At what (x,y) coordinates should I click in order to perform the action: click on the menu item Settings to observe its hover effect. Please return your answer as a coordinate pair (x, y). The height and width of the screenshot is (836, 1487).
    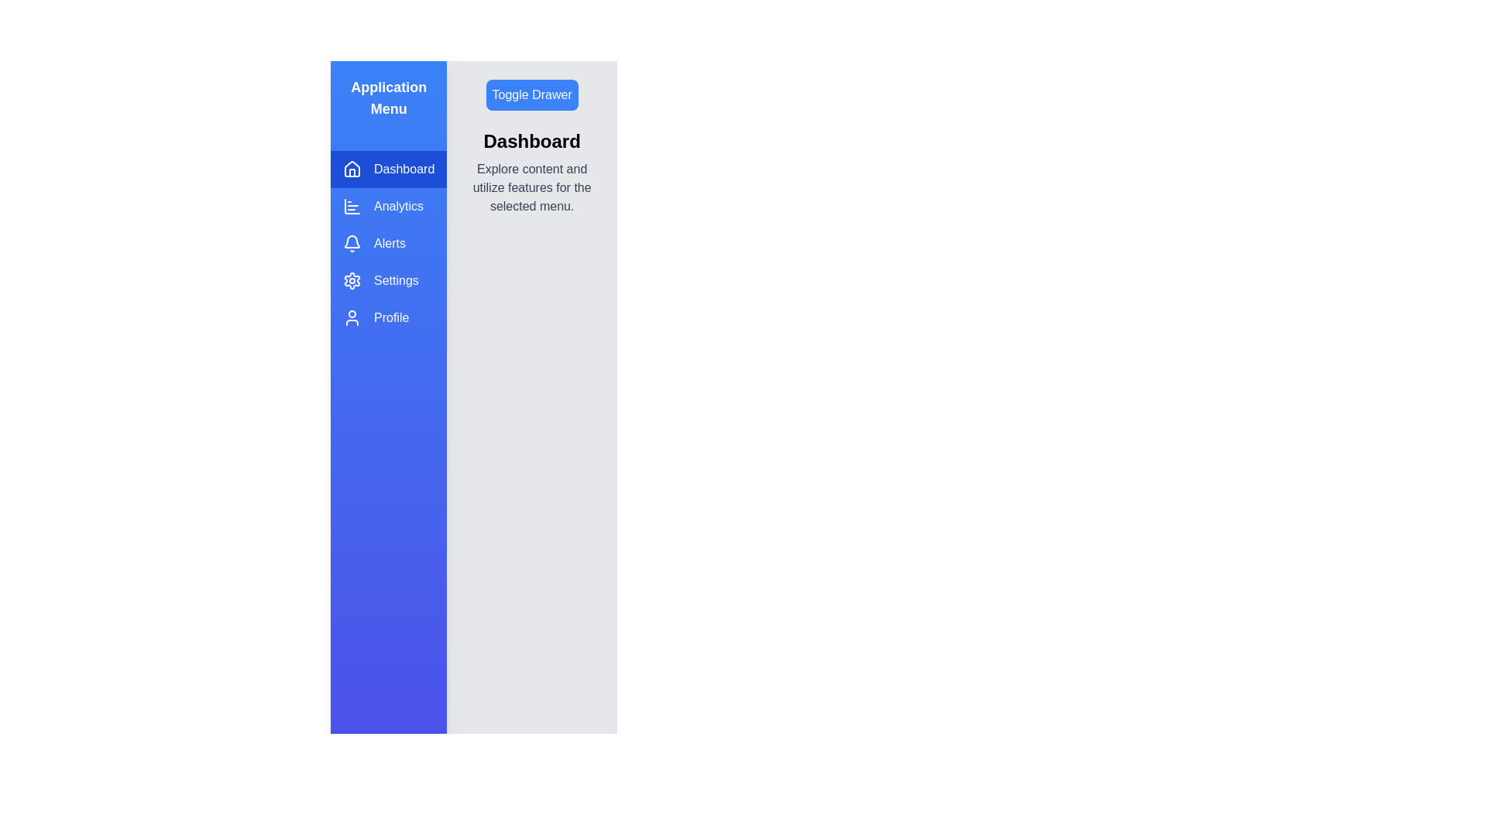
    Looking at the image, I should click on (389, 280).